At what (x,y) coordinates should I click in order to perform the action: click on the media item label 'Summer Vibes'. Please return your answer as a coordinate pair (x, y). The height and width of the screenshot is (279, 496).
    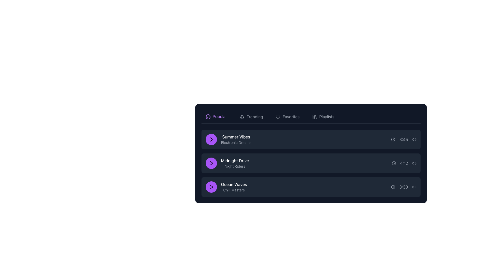
    Looking at the image, I should click on (228, 139).